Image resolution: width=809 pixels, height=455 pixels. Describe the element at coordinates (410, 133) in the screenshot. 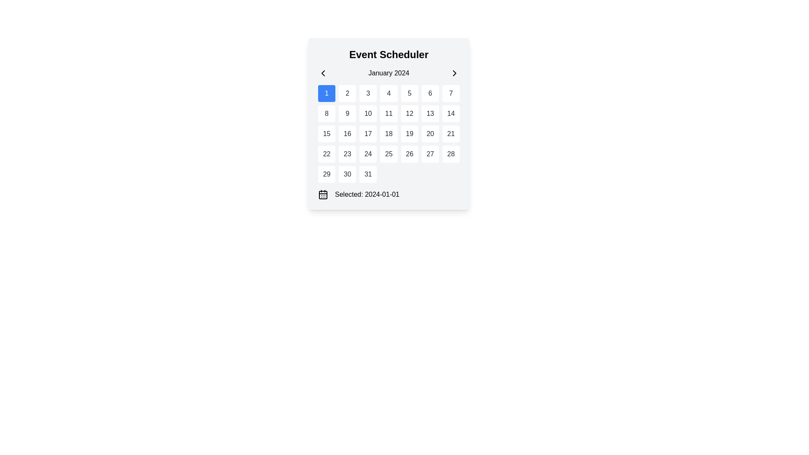

I see `the Button-like date selector displaying '19' in the calendar grid of the 'Event Scheduler' section` at that location.